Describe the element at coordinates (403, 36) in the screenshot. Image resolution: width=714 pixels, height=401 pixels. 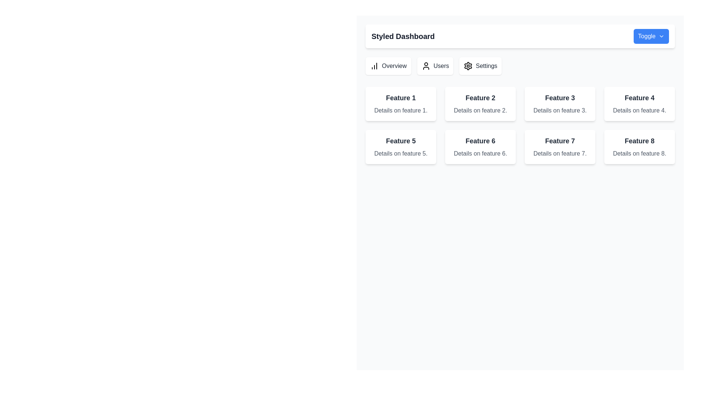
I see `the bold, large-sized text label 'Styled Dashboard' positioned at the top-left section of the interface` at that location.